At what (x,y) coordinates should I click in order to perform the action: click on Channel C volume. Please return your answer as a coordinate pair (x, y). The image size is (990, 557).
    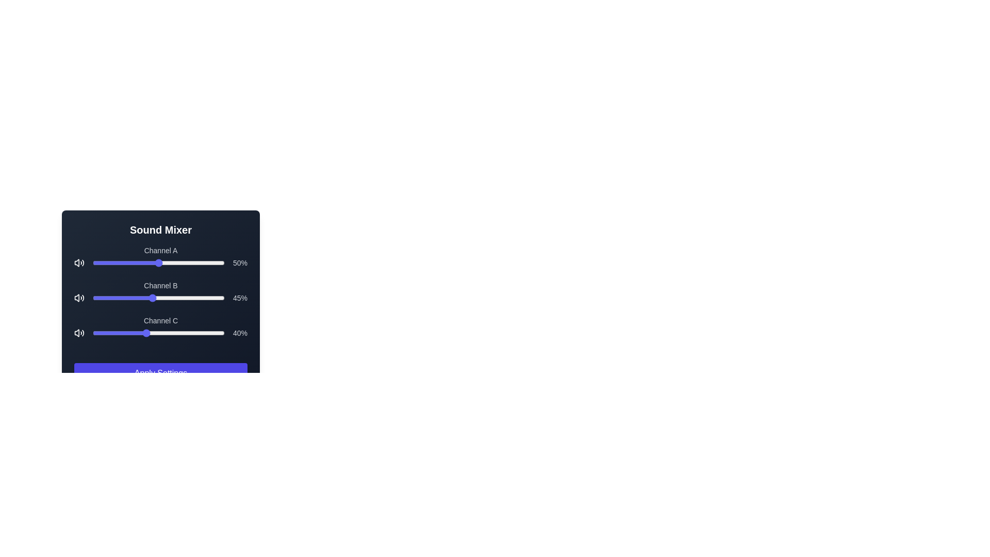
    Looking at the image, I should click on (133, 333).